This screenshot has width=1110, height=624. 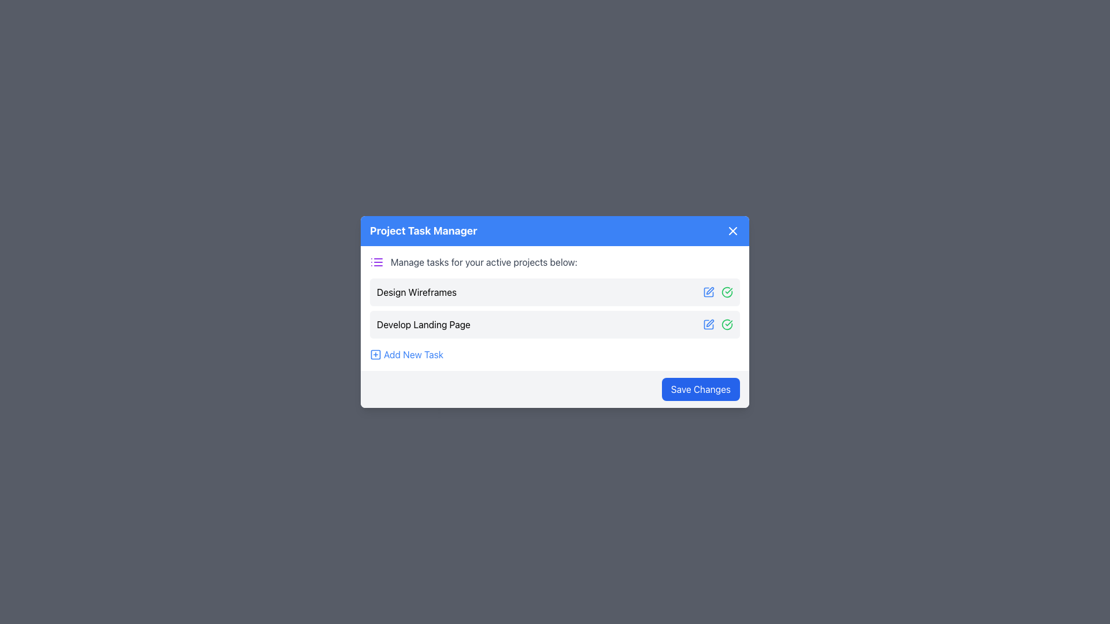 I want to click on the close button located at the far-right edge of the blue header bar, opposite the text 'Project Task Manager', so click(x=732, y=231).